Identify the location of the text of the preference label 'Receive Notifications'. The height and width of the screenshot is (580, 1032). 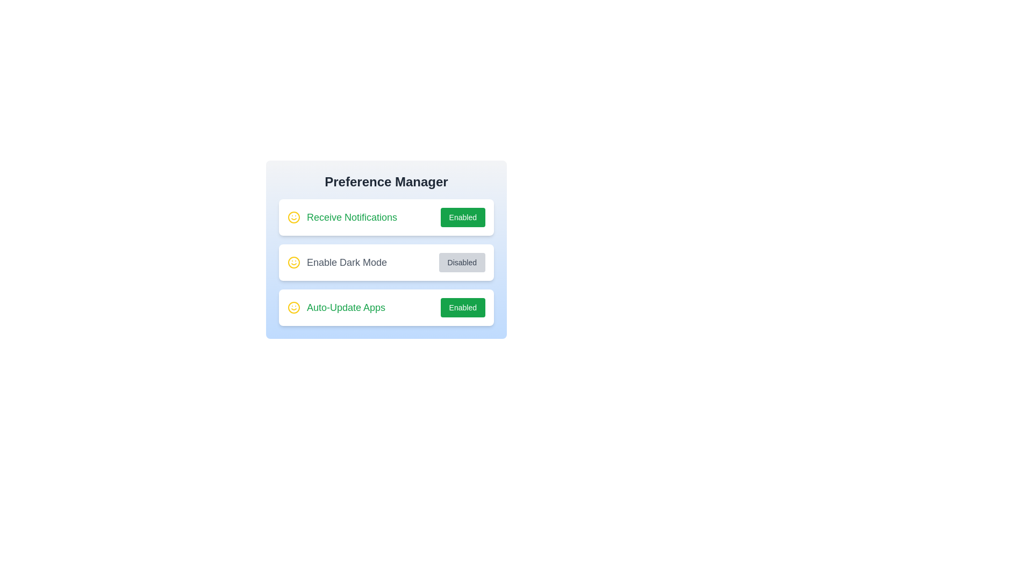
(342, 218).